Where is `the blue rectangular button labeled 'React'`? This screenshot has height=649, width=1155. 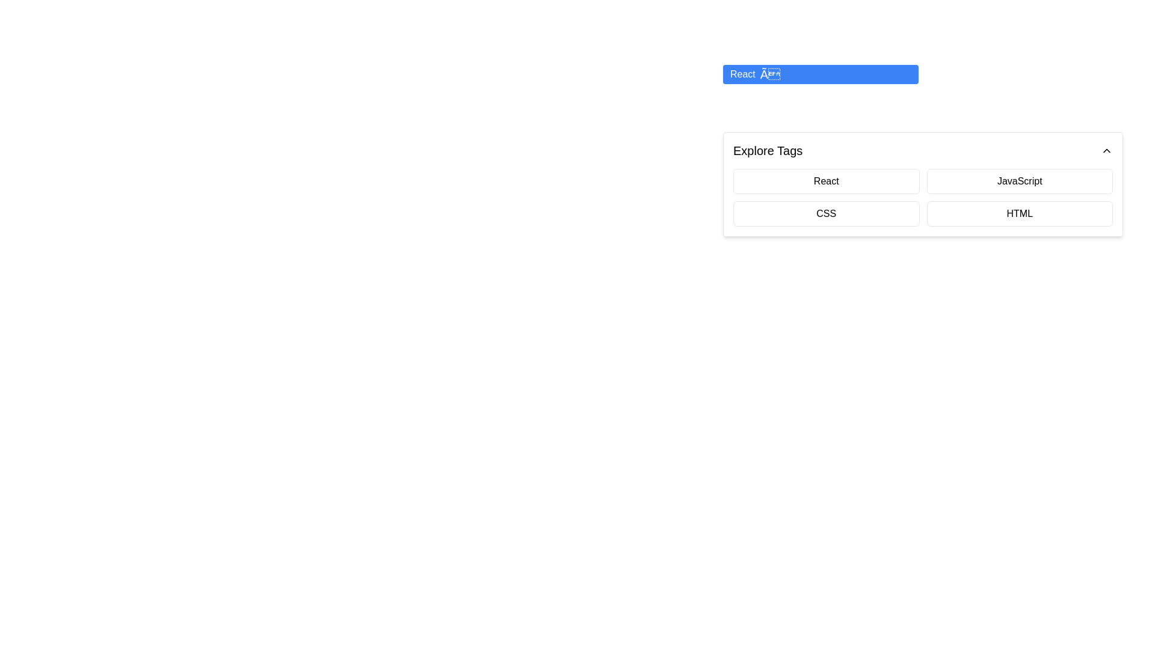
the blue rectangular button labeled 'React' is located at coordinates (820, 74).